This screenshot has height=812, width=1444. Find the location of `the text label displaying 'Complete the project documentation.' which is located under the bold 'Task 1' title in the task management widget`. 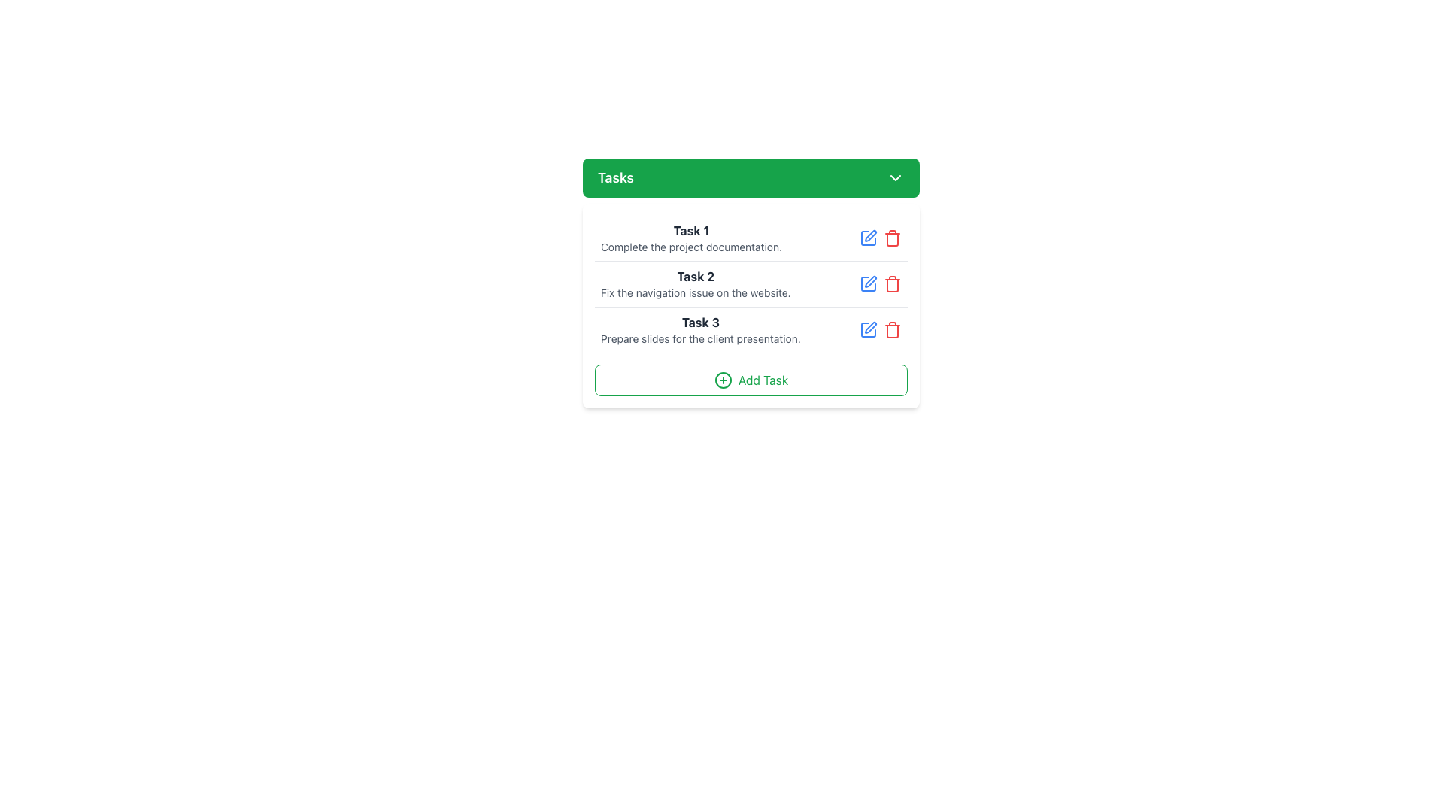

the text label displaying 'Complete the project documentation.' which is located under the bold 'Task 1' title in the task management widget is located at coordinates (690, 246).